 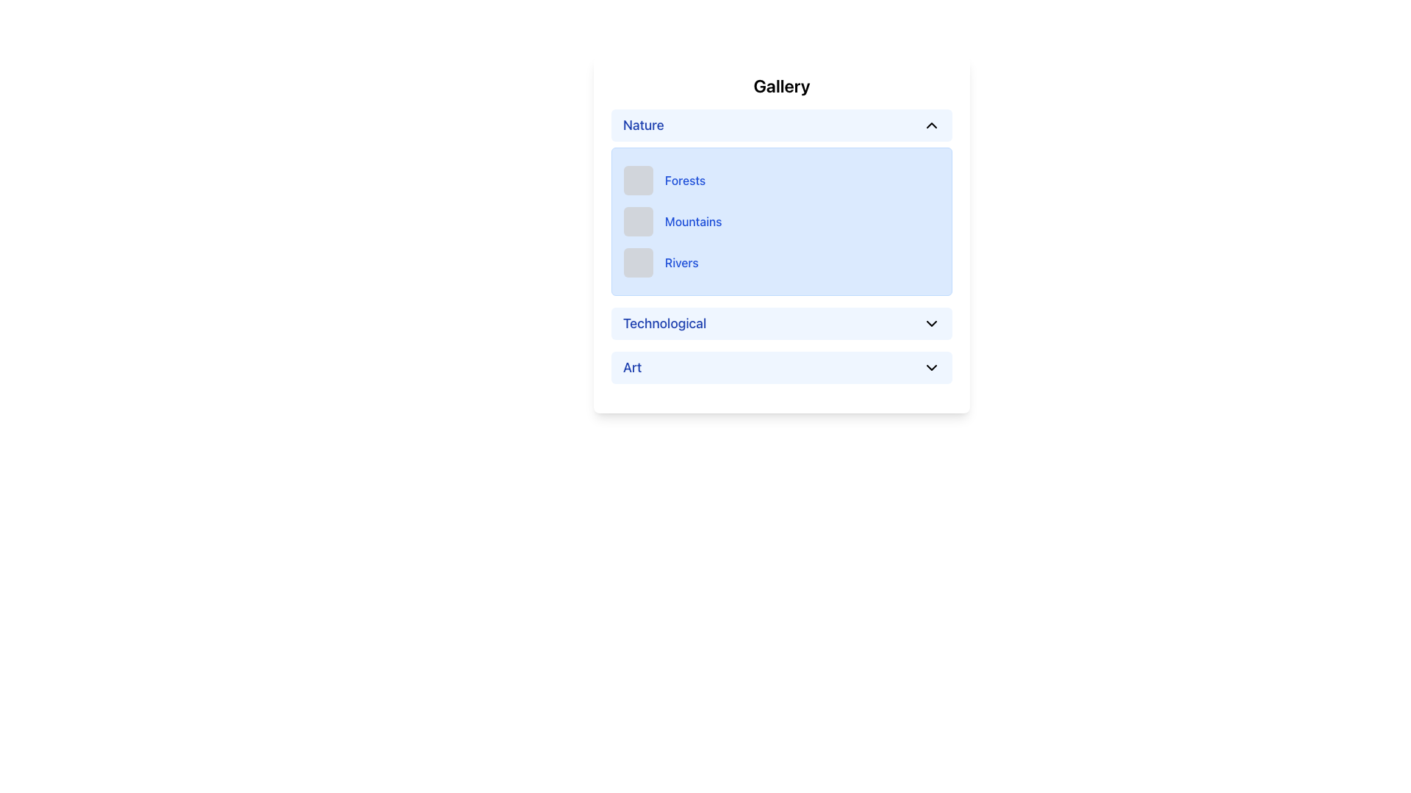 I want to click on the 'Technological' dropdown menu located in the 'Gallery' section, positioned below 'Nature' and 'Art' categories, so click(x=781, y=322).